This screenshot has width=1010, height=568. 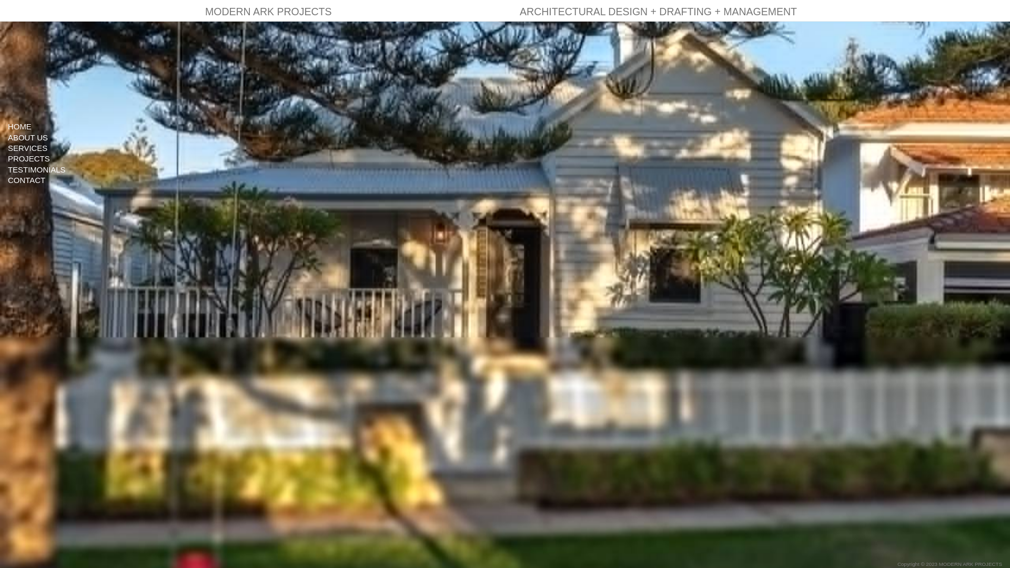 What do you see at coordinates (55, 158) in the screenshot?
I see `'PROJECTS'` at bounding box center [55, 158].